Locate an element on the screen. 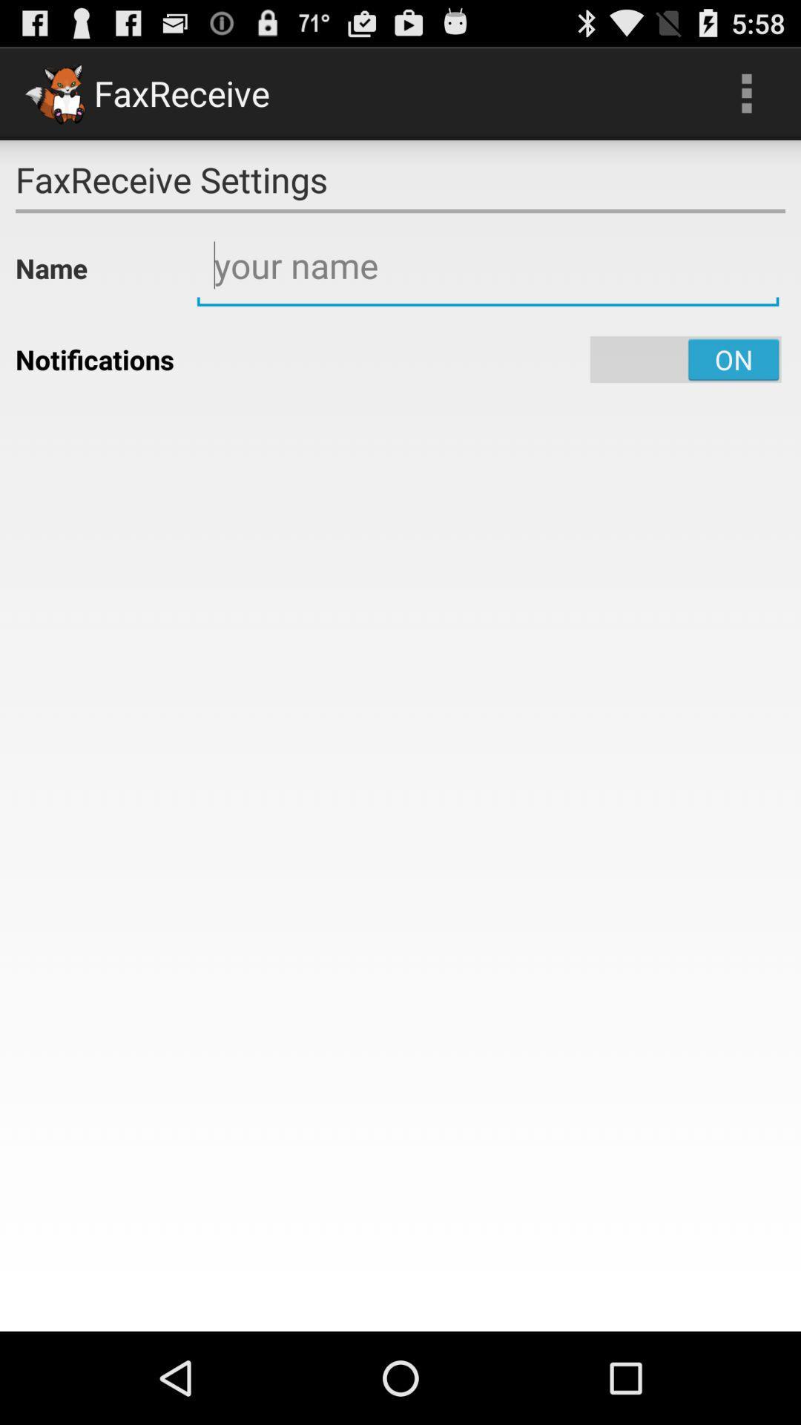 This screenshot has height=1425, width=801. your name is located at coordinates (488, 266).